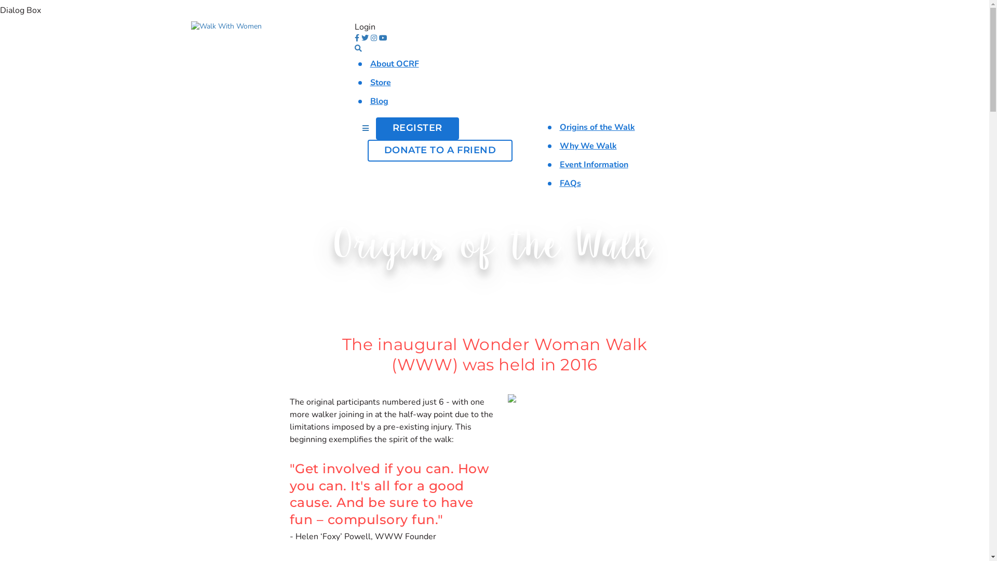 This screenshot has width=997, height=561. Describe the element at coordinates (440, 151) in the screenshot. I see `'DONATE TO A FRIEND'` at that location.